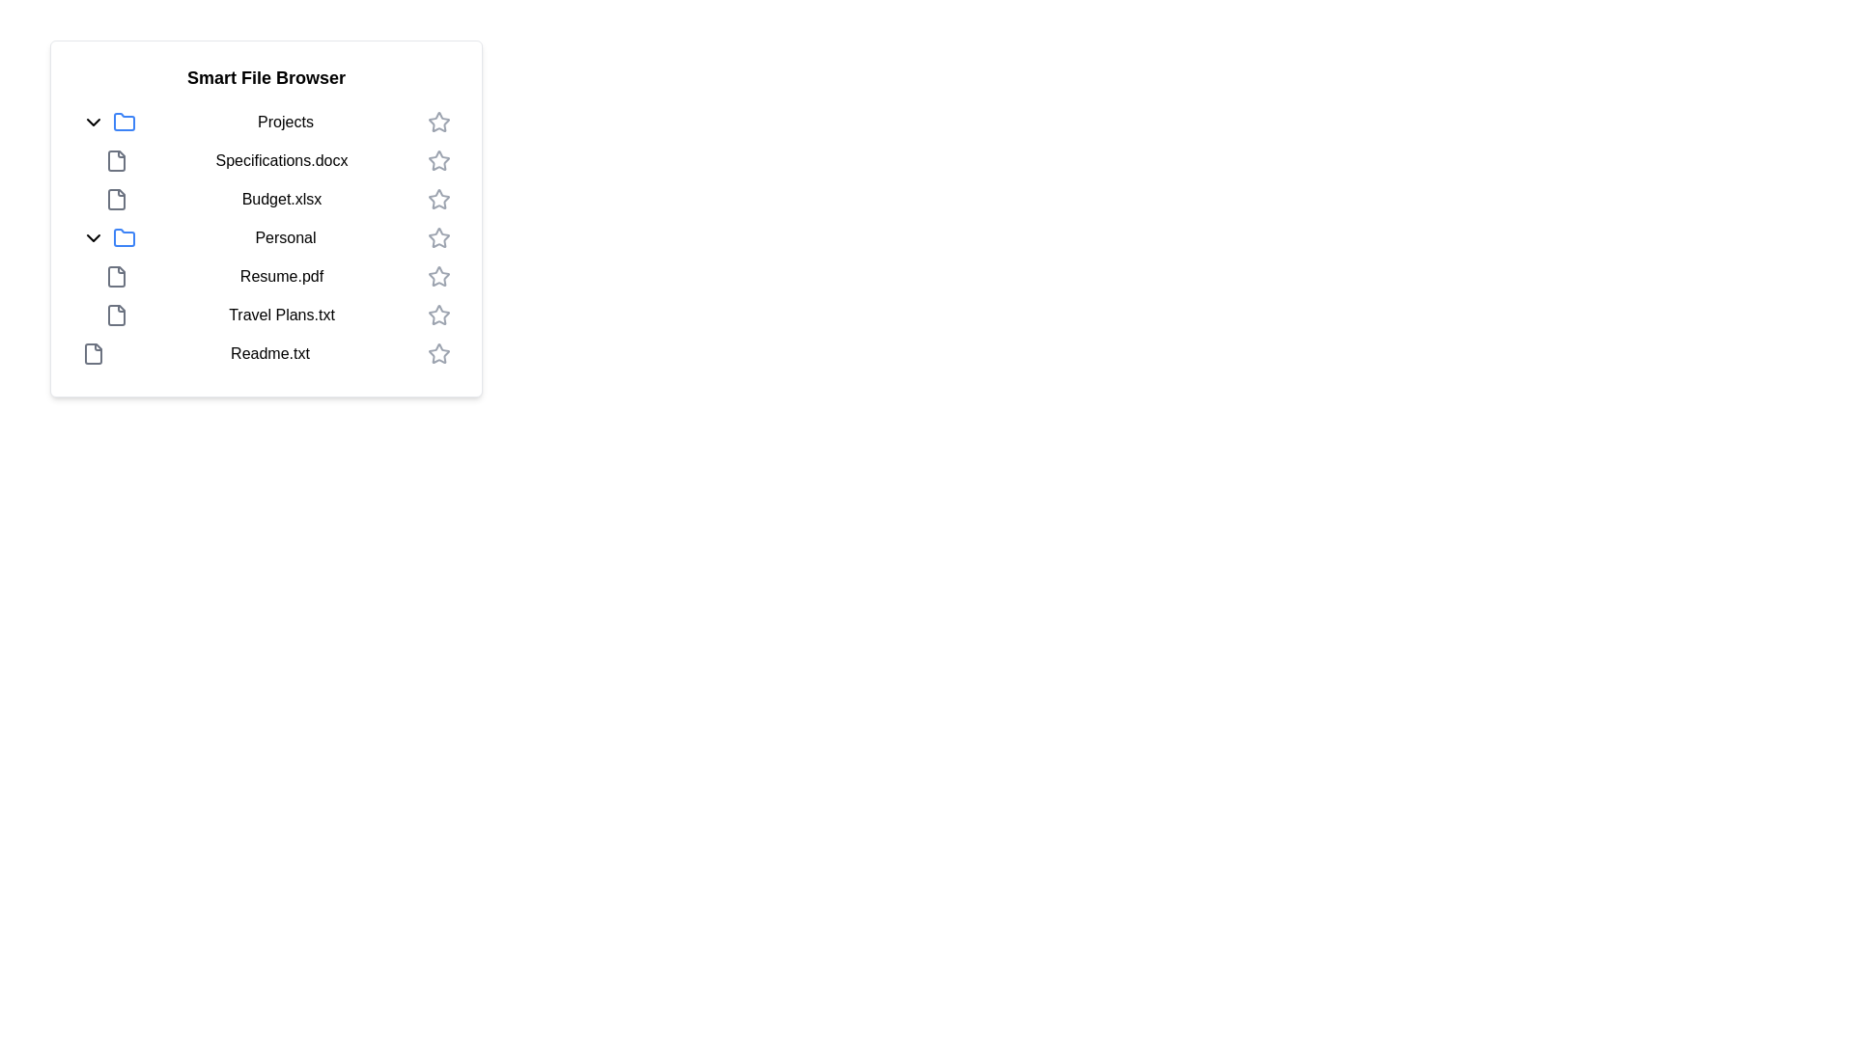 The image size is (1854, 1042). I want to click on the star-shaped icon with a gray outline located at the right end of the row labeled 'Travel Plans.txt', so click(438, 315).